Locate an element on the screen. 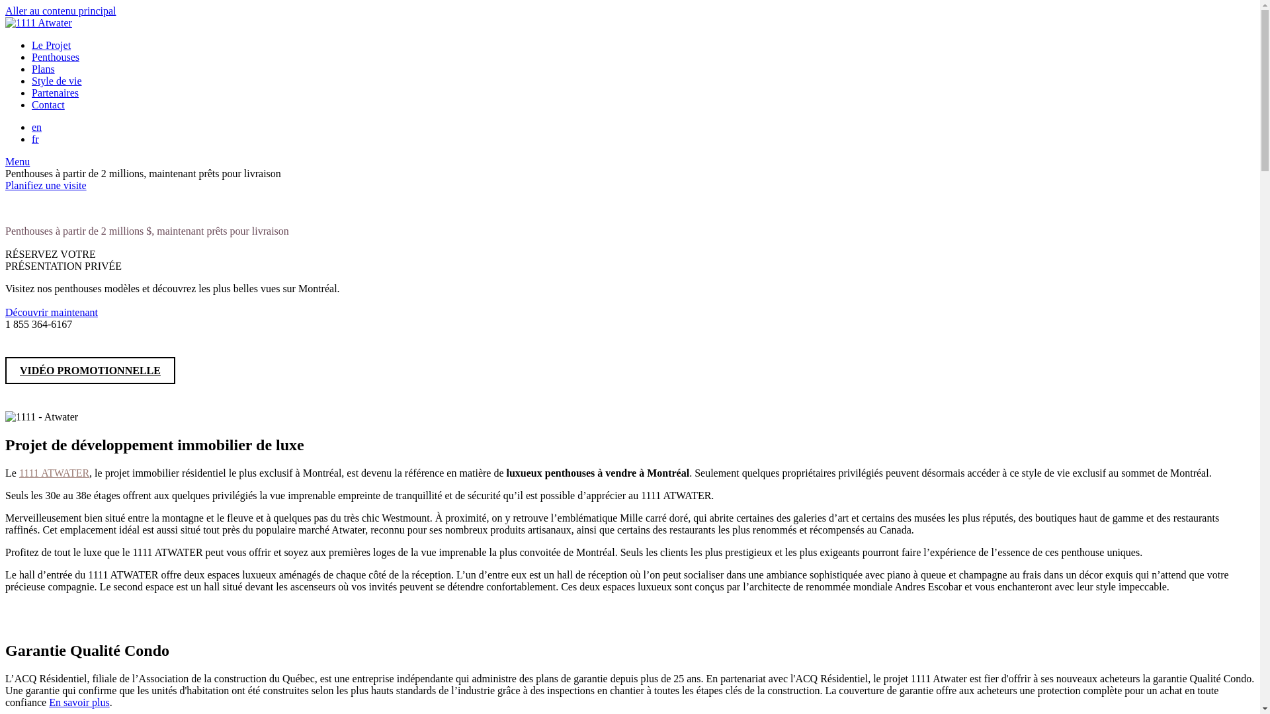 This screenshot has width=1270, height=714. 'Style de vie' is located at coordinates (56, 81).